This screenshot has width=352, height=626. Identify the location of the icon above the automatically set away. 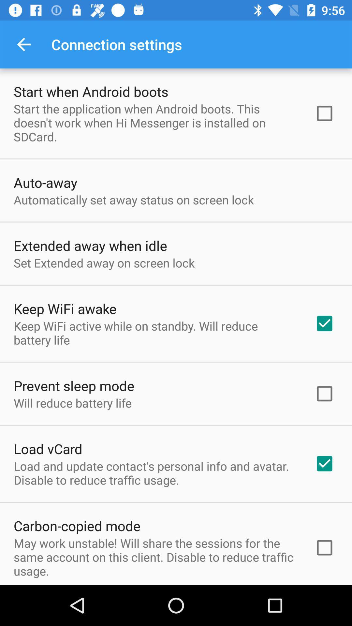
(45, 182).